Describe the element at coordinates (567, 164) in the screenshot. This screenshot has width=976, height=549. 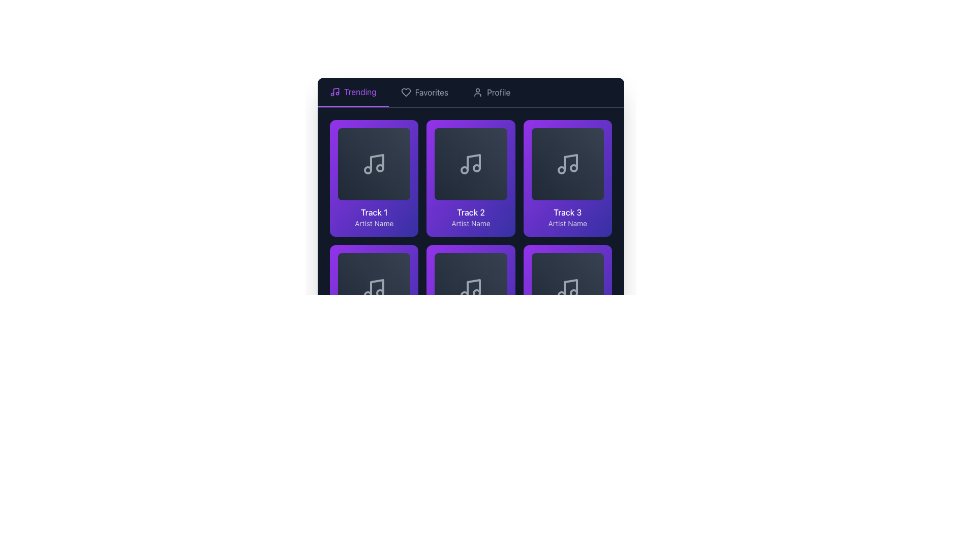
I see `the music icon located at the top center of the 'Track 3' card, which visually represents a track or music item` at that location.